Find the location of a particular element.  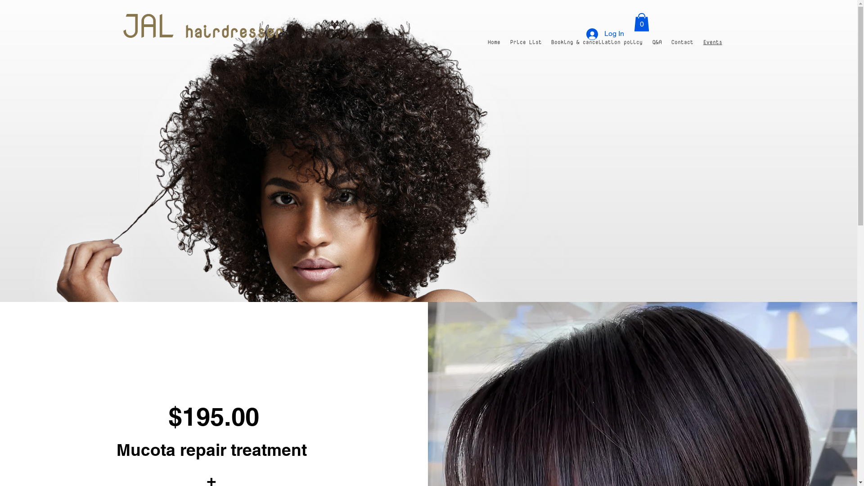

'Events' is located at coordinates (712, 42).